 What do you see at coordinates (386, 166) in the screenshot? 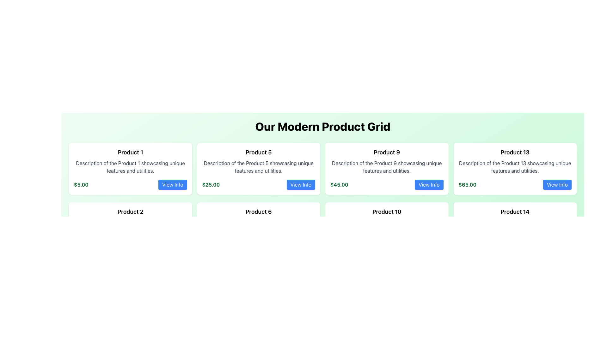
I see `description text for 'Product 9' located in the third column of the product grid, styled in gray font, positioned below the title 'Product 9' and above the price '$45.00'` at bounding box center [386, 166].